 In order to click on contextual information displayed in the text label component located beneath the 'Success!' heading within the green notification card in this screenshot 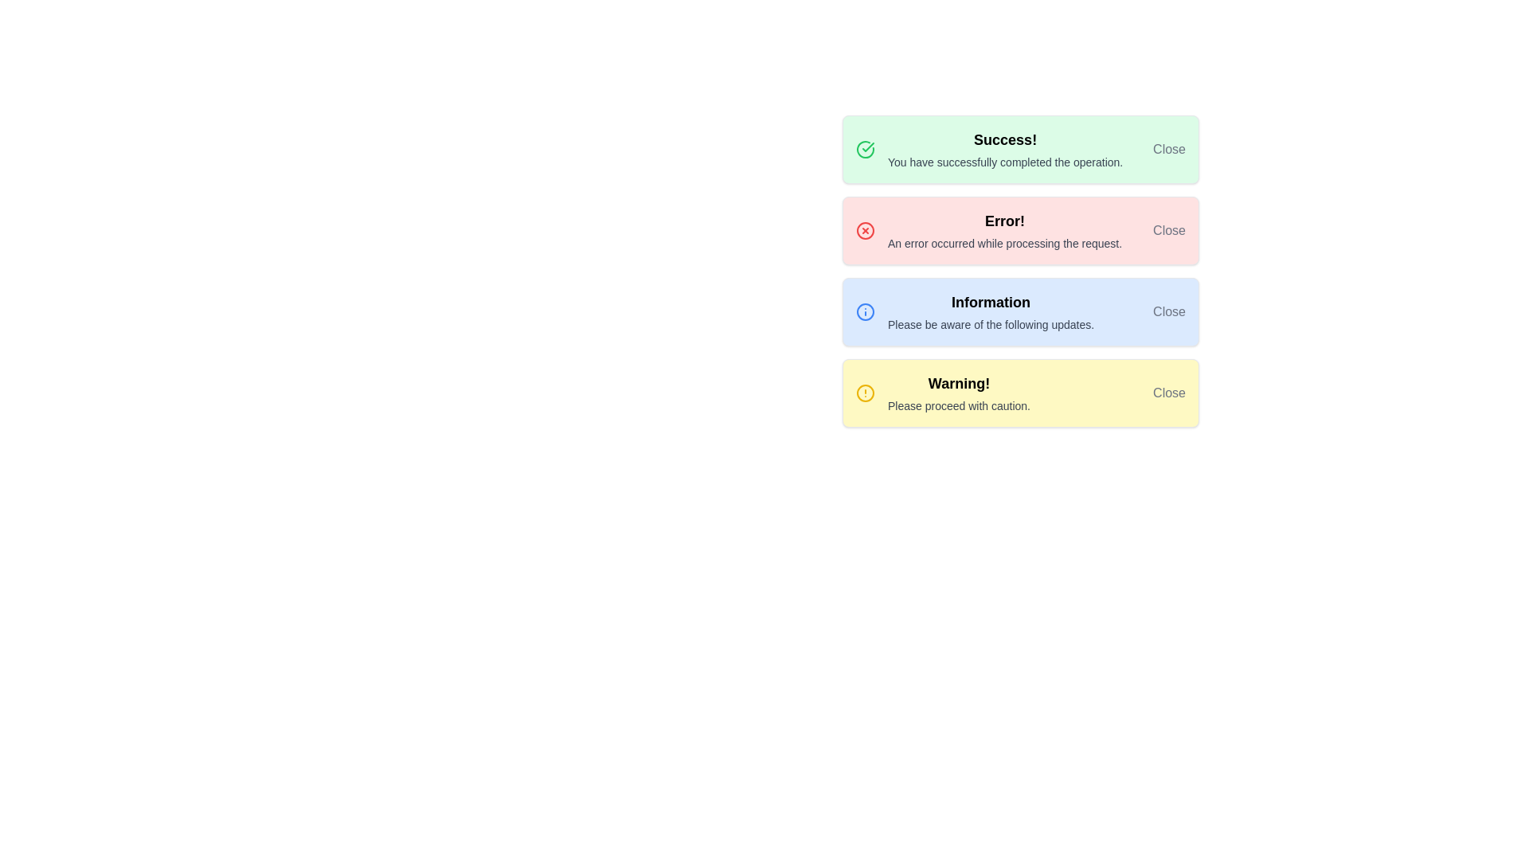, I will do `click(1004, 162)`.